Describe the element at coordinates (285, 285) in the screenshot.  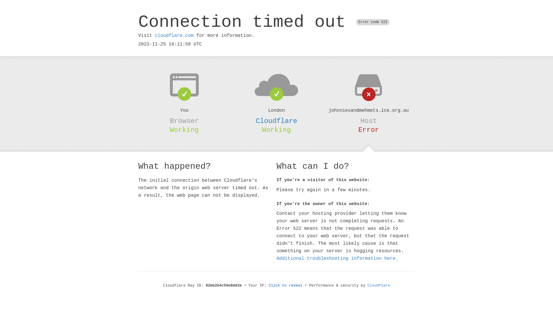
I see `'Click to reveal'` at that location.